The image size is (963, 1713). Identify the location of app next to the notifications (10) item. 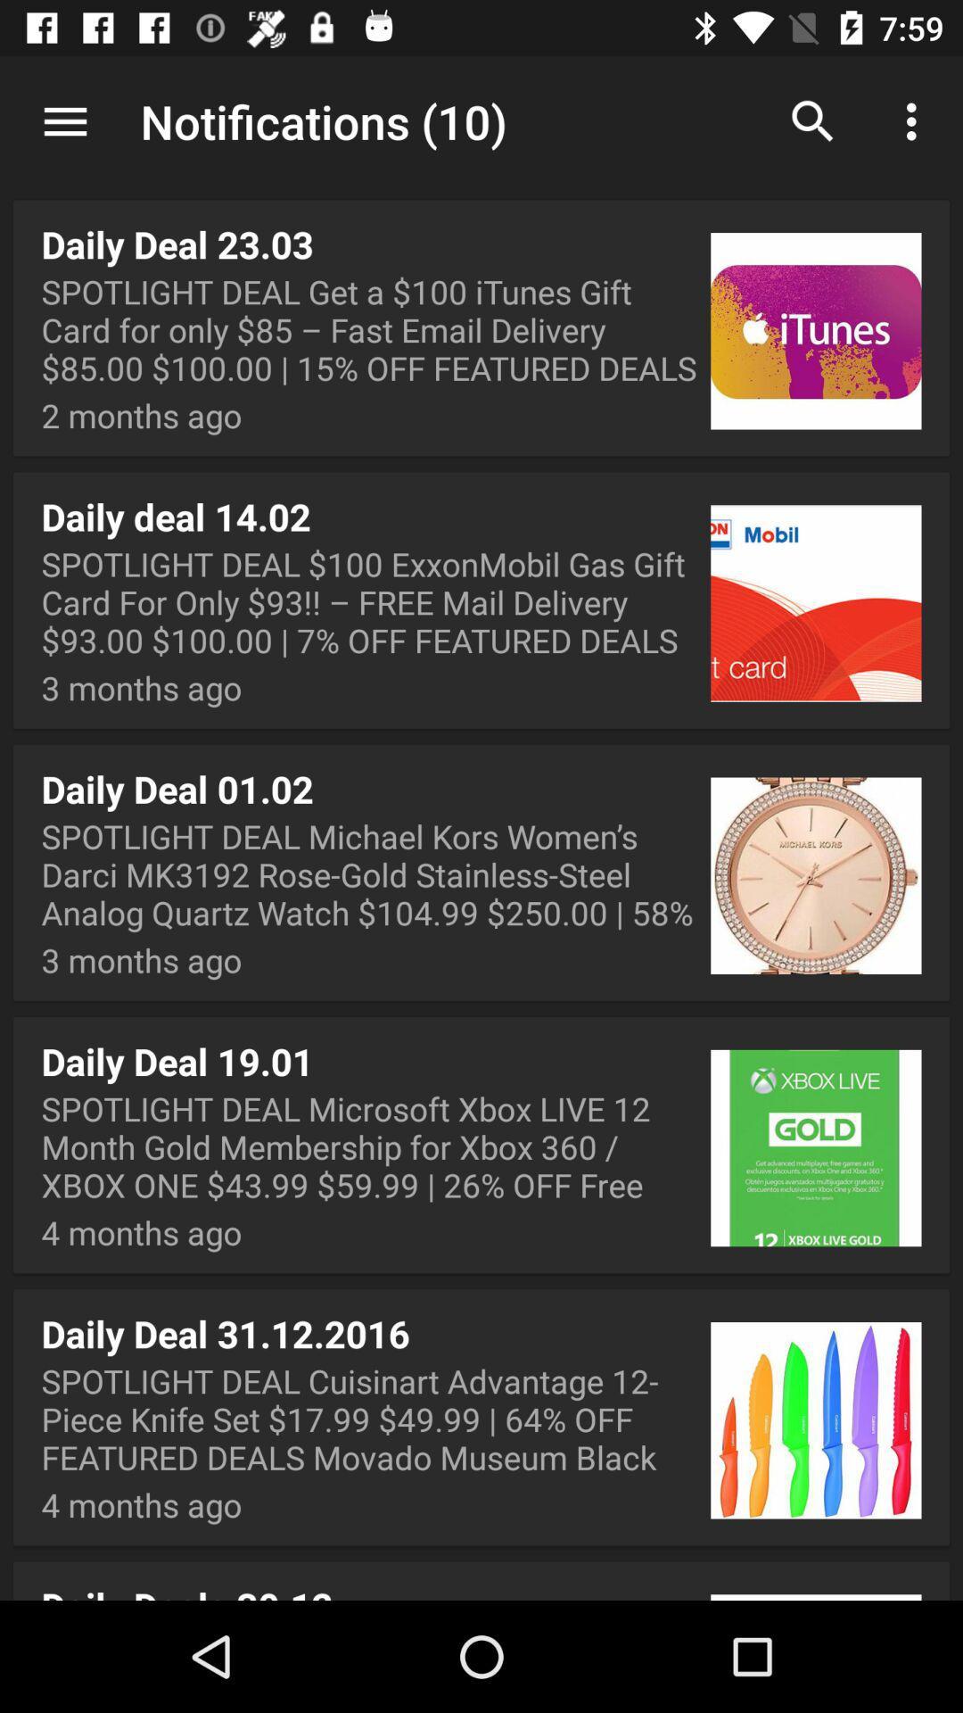
(64, 120).